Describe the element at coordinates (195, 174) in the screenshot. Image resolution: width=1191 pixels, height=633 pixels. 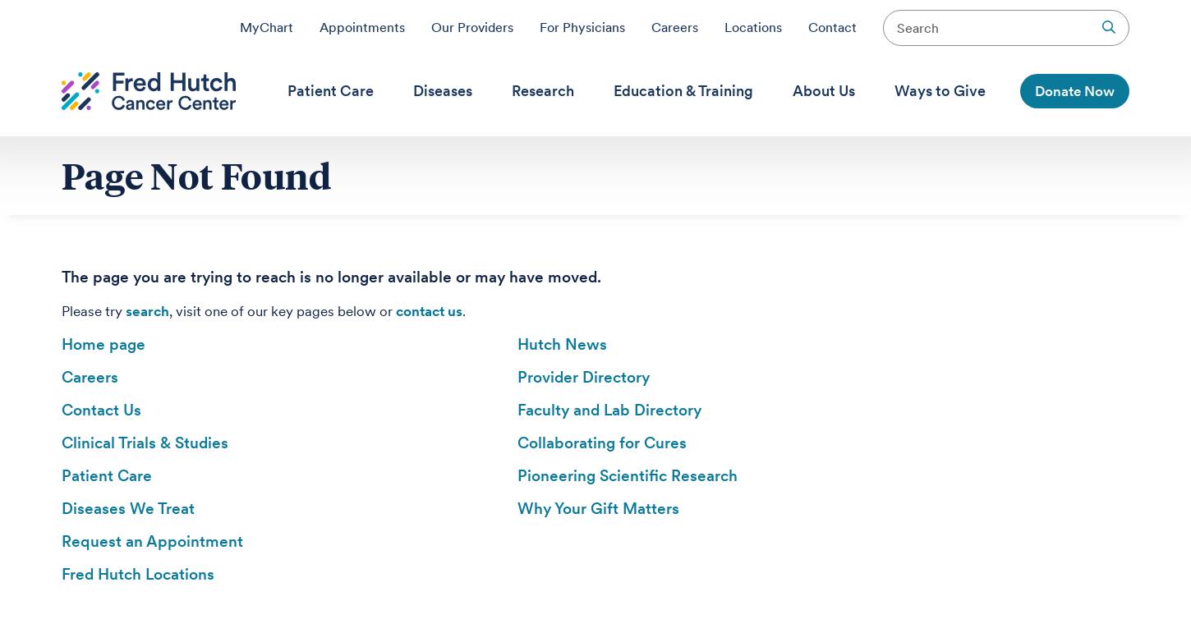
I see `'Page Not Found'` at that location.